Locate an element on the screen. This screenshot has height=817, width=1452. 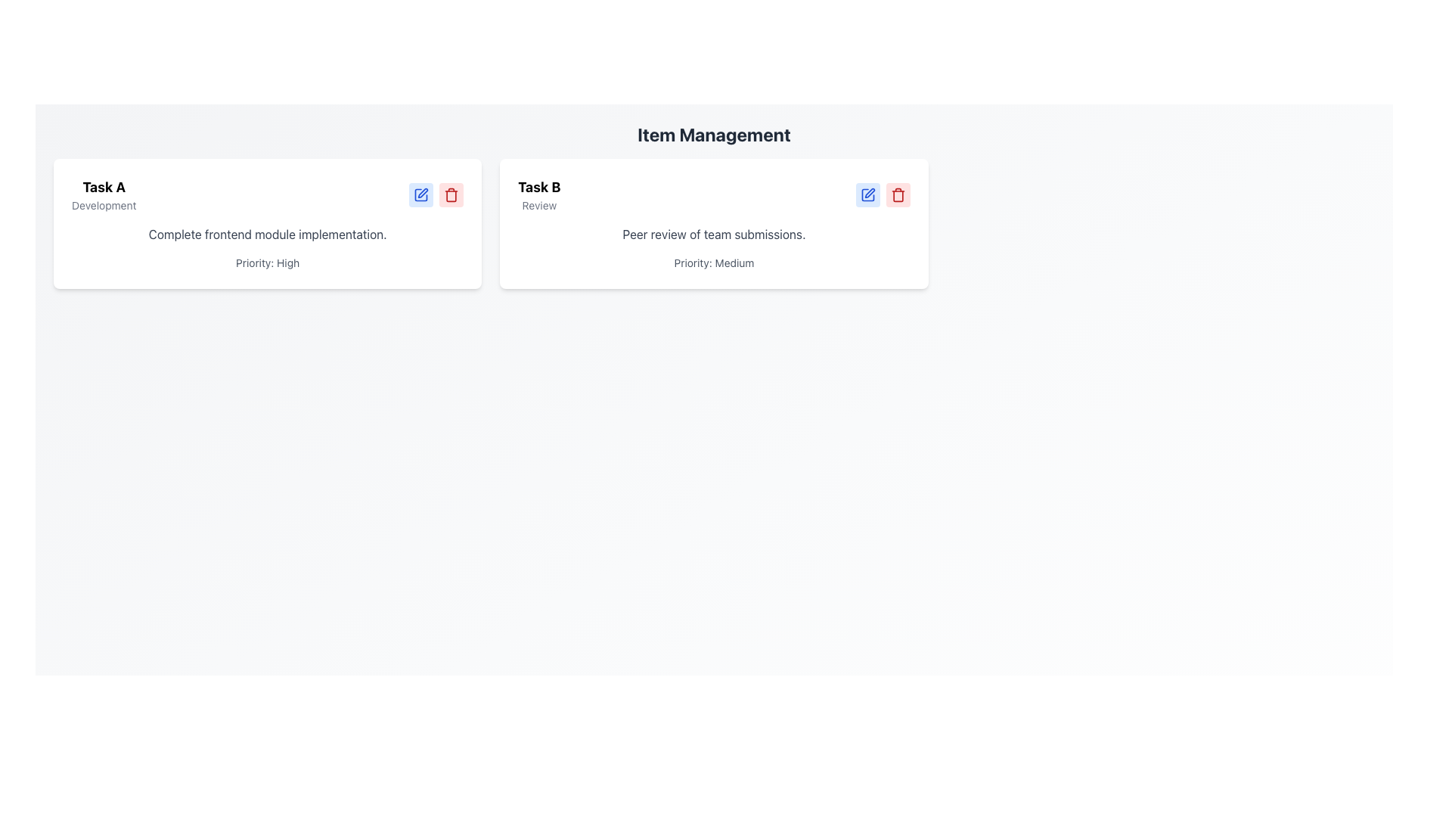
the pen component of the edit icon within the edit button on the right side of 'Task B' is located at coordinates (423, 192).